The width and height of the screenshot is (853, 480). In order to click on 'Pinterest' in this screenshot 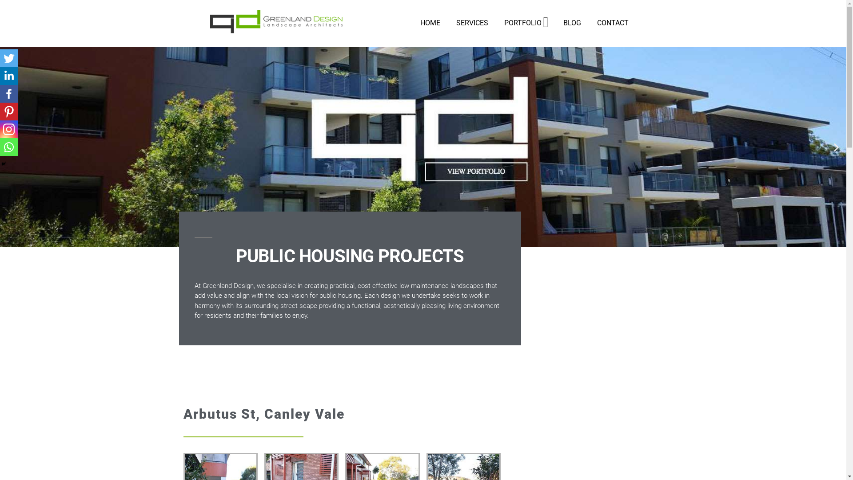, I will do `click(8, 111)`.